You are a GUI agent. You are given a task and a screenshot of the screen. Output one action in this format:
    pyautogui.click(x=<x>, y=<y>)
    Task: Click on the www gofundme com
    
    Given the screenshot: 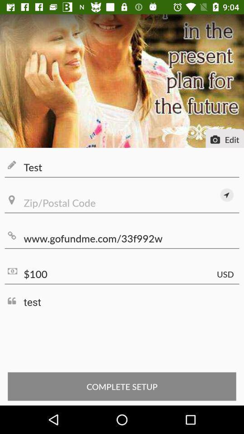 What is the action you would take?
    pyautogui.click(x=122, y=238)
    